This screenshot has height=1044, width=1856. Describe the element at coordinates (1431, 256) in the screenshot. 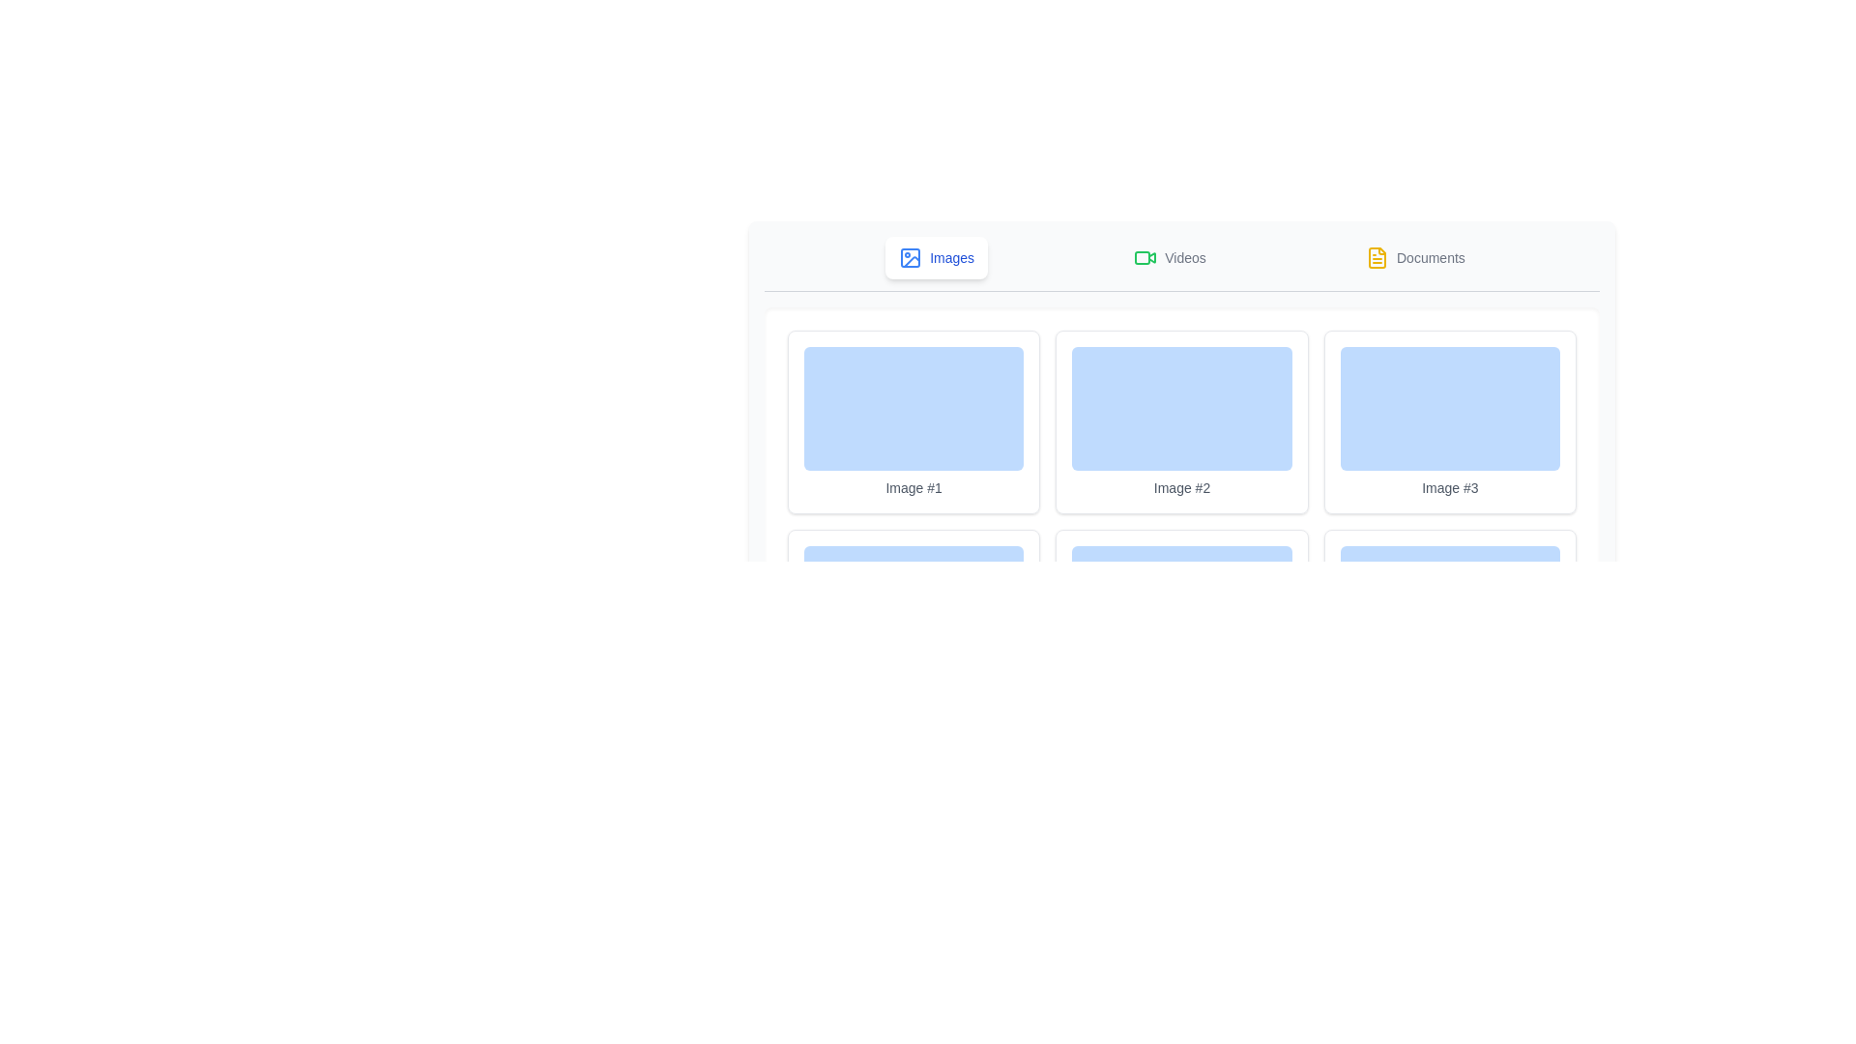

I see `the text label 'Documents' which is styled with a medium font size and gray color, located in the rightmost option of the horizontal menu bar` at that location.